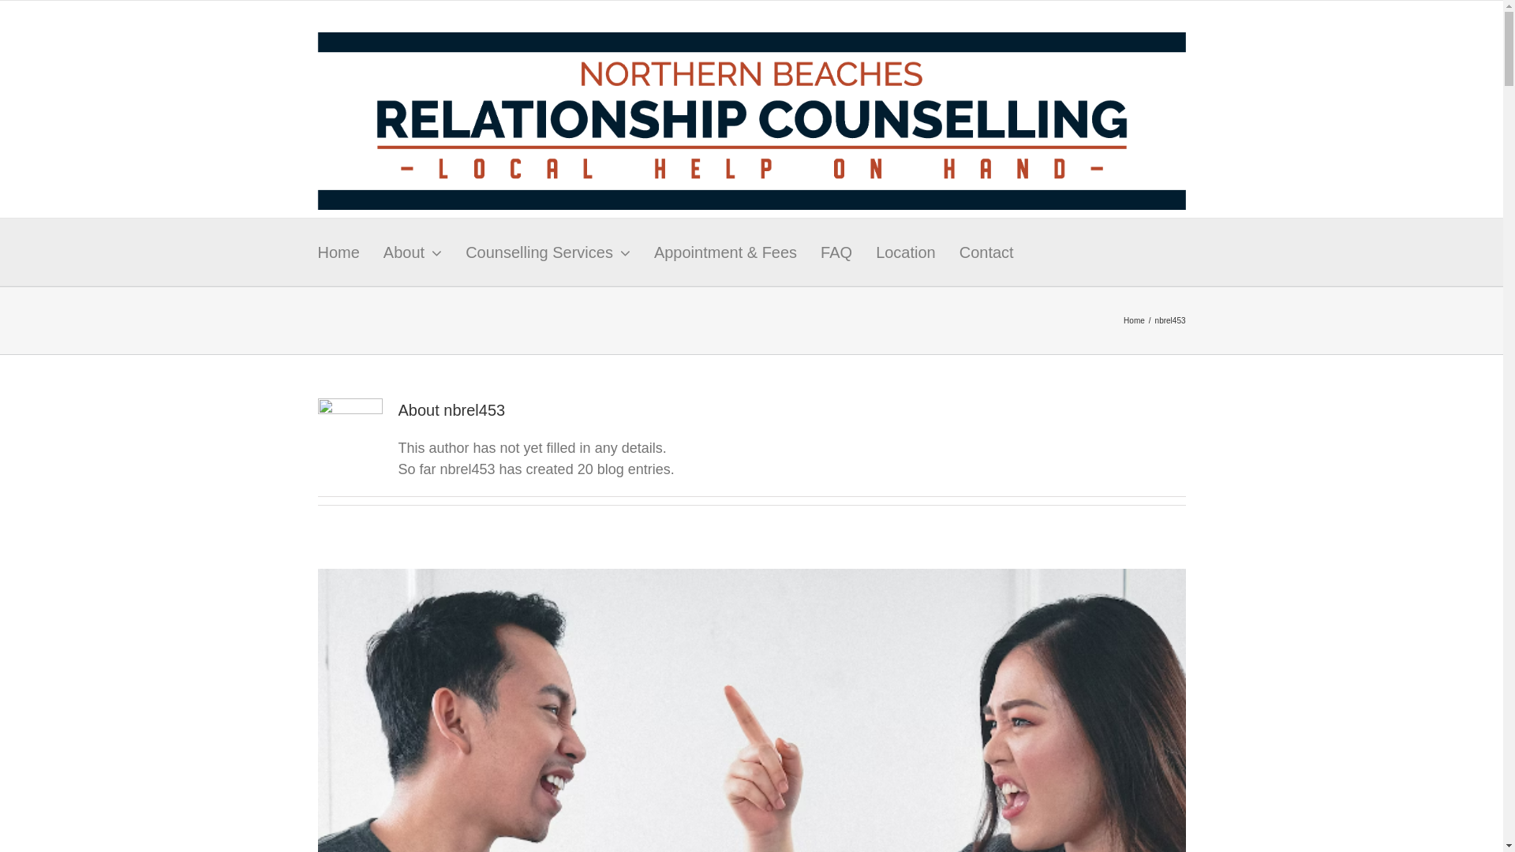 This screenshot has width=1515, height=852. What do you see at coordinates (337, 251) in the screenshot?
I see `'Home'` at bounding box center [337, 251].